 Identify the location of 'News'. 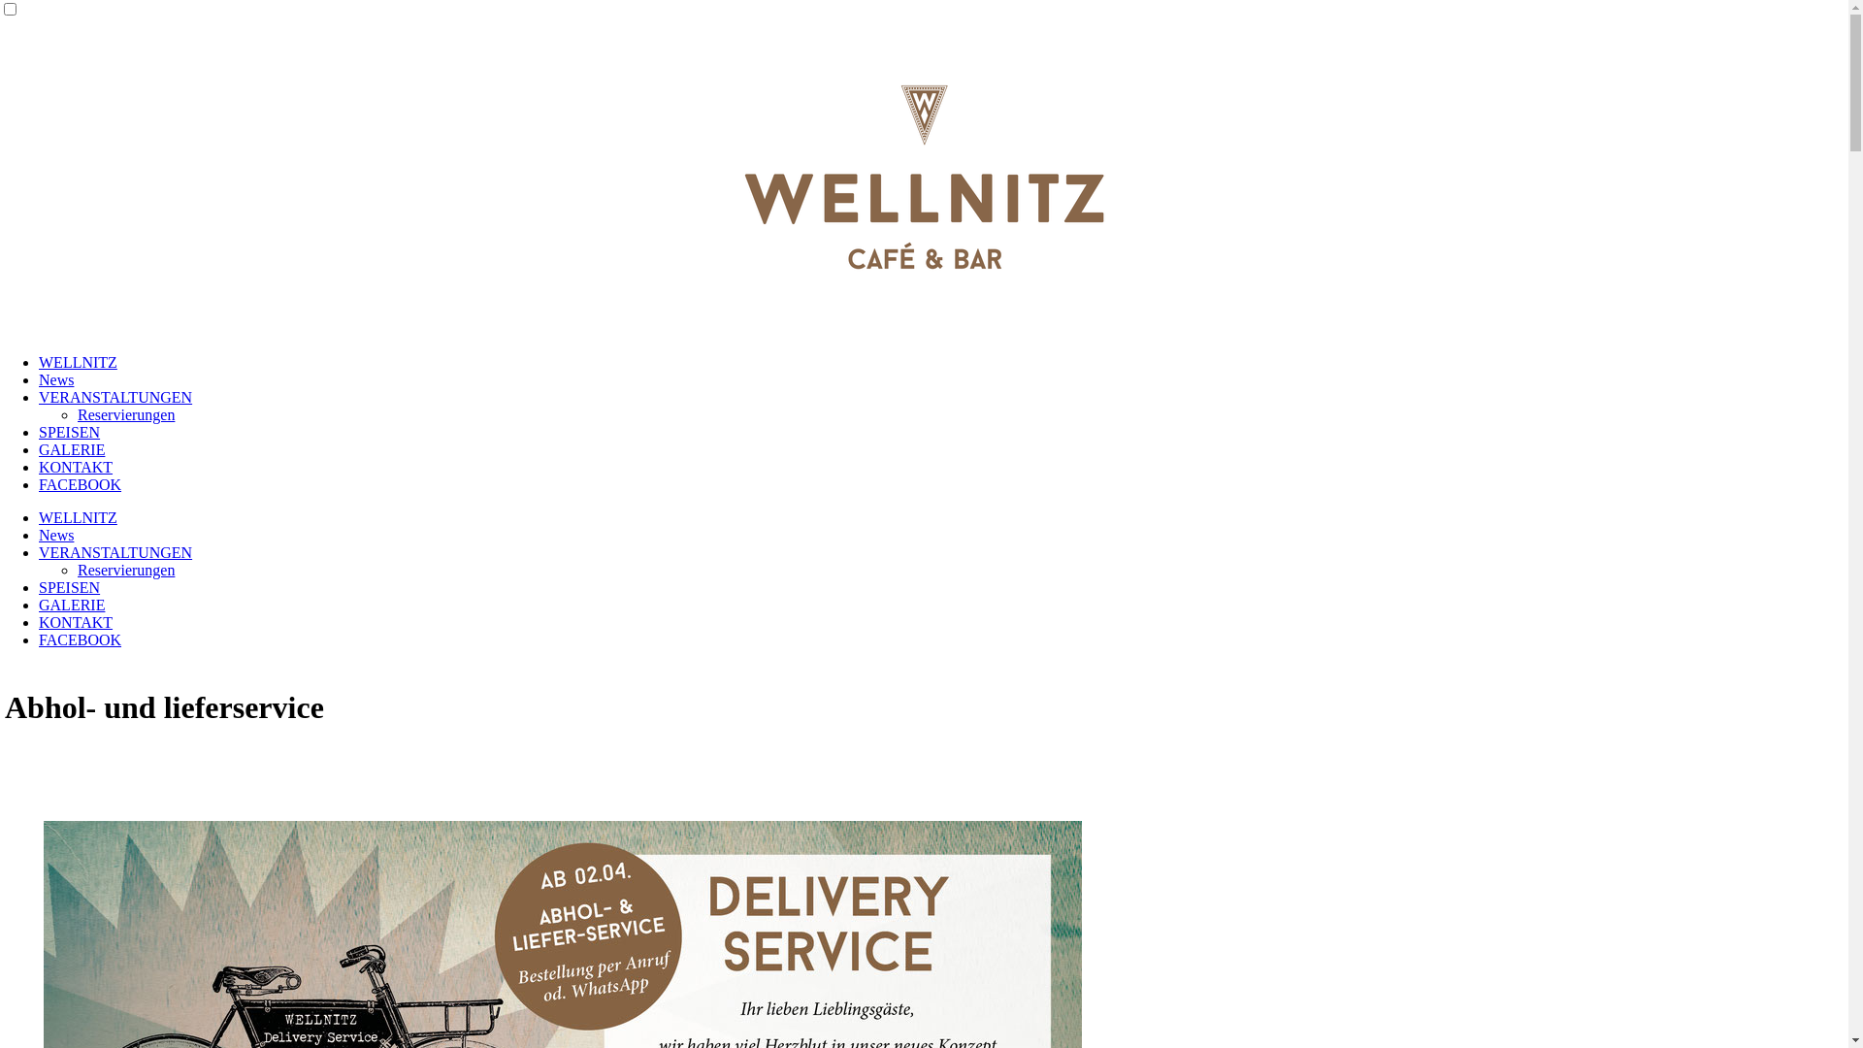
(38, 379).